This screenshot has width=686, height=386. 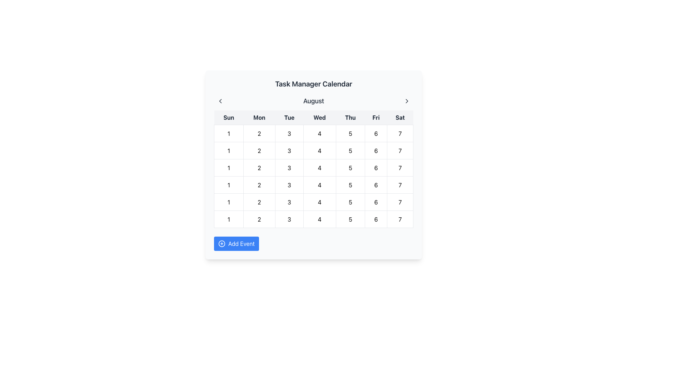 I want to click on the calendar label that represents the day number '4', located in the third row, fourth column of the calendar grid, beneath the 'Wed' header, so click(x=319, y=184).